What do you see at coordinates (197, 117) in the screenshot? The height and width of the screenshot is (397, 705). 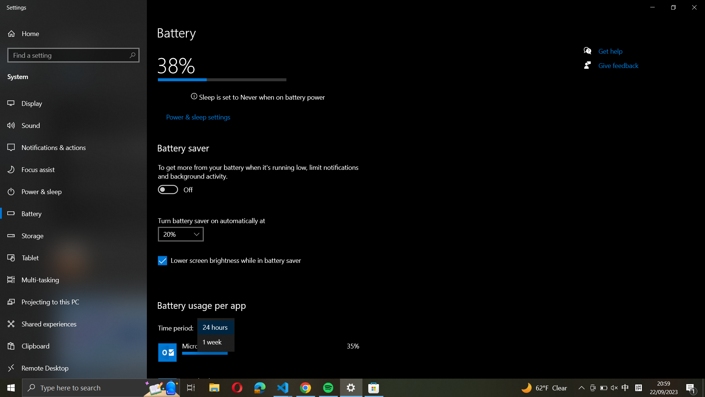 I see `From the left side menu, open "Power & sleep" settings` at bounding box center [197, 117].